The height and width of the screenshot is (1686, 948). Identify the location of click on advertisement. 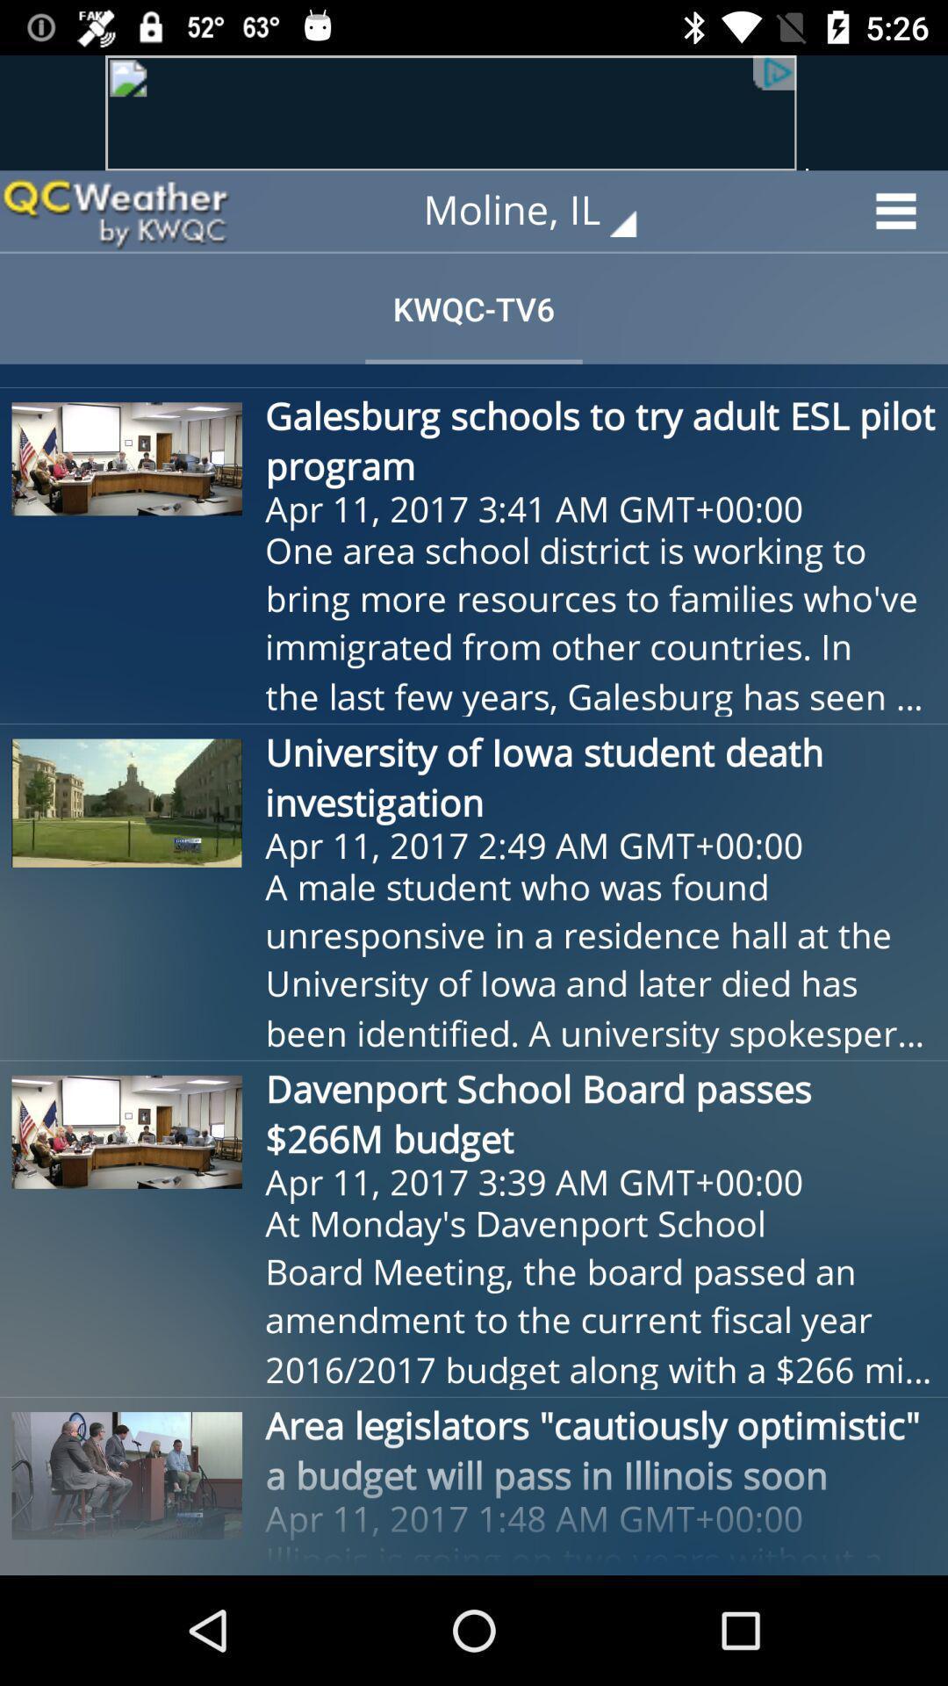
(474, 112).